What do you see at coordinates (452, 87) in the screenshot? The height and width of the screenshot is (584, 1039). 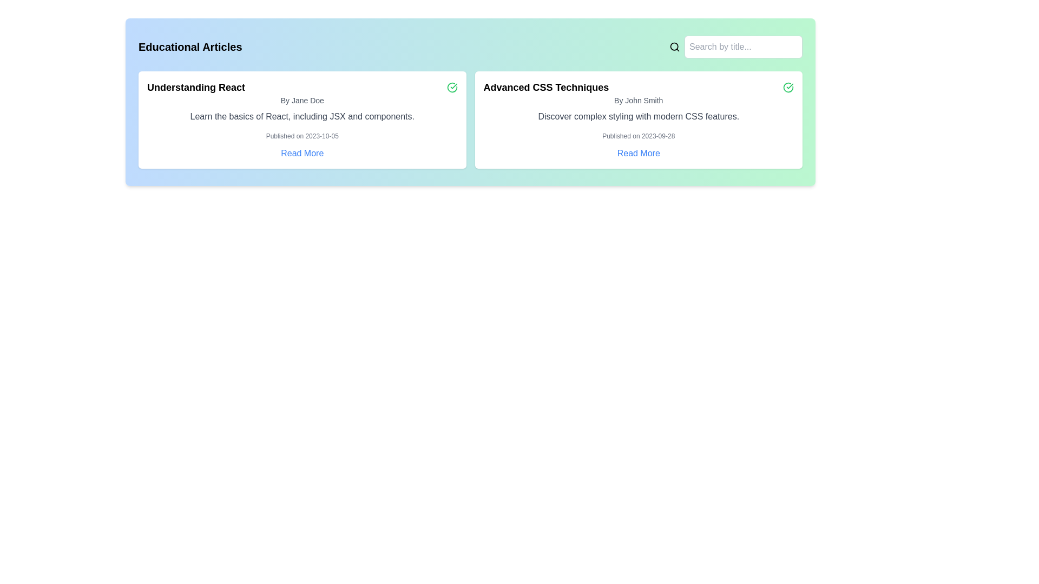 I see `the circular green checkmark icon located in the top-right of the 'Understanding React' section to indicate success` at bounding box center [452, 87].